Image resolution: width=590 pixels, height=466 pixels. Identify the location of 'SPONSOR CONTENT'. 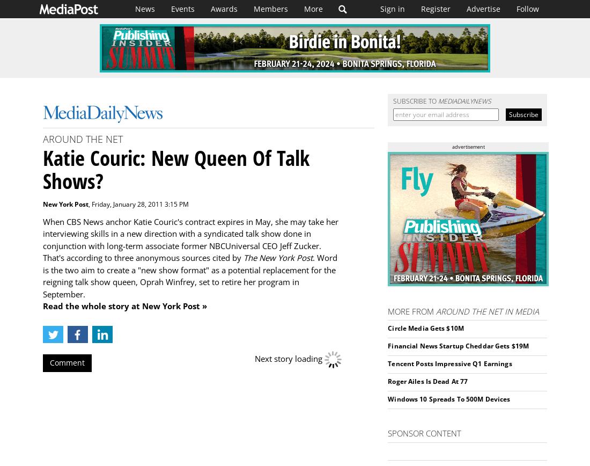
(424, 433).